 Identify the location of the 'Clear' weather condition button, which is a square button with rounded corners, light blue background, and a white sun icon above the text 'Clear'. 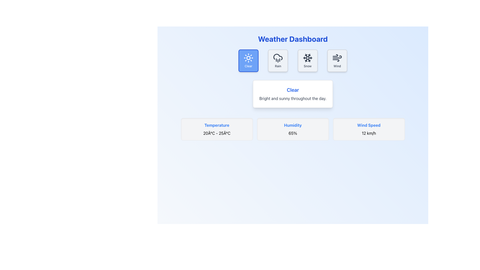
(248, 60).